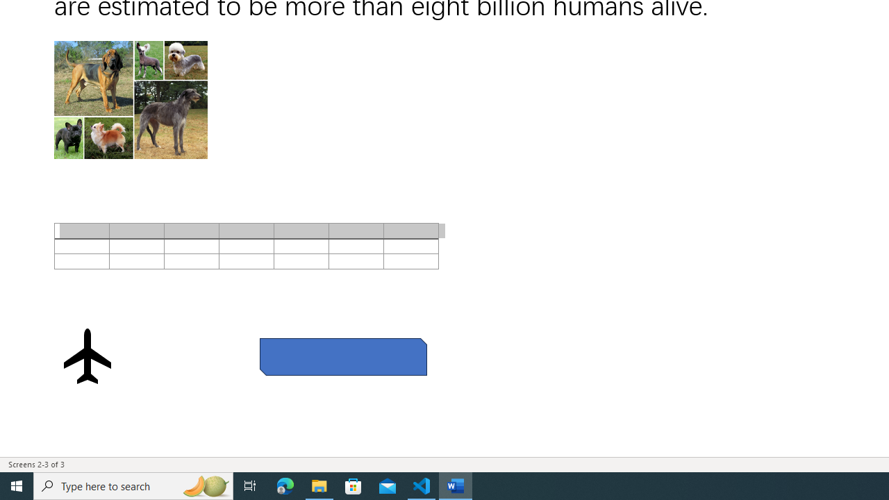  What do you see at coordinates (343, 356) in the screenshot?
I see `'Rectangle: Diagonal Corners Snipped 2'` at bounding box center [343, 356].